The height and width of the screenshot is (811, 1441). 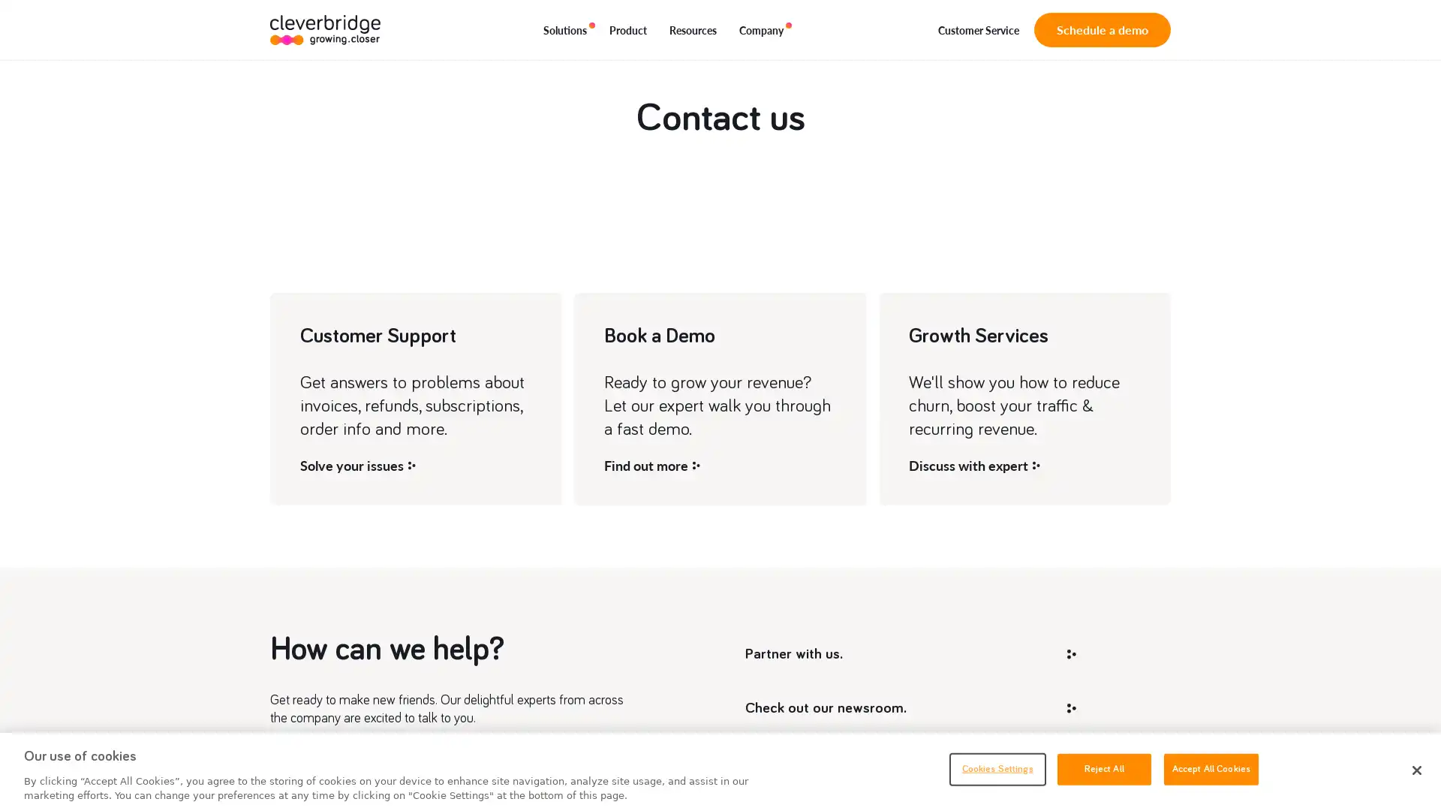 What do you see at coordinates (1415, 770) in the screenshot?
I see `Close` at bounding box center [1415, 770].